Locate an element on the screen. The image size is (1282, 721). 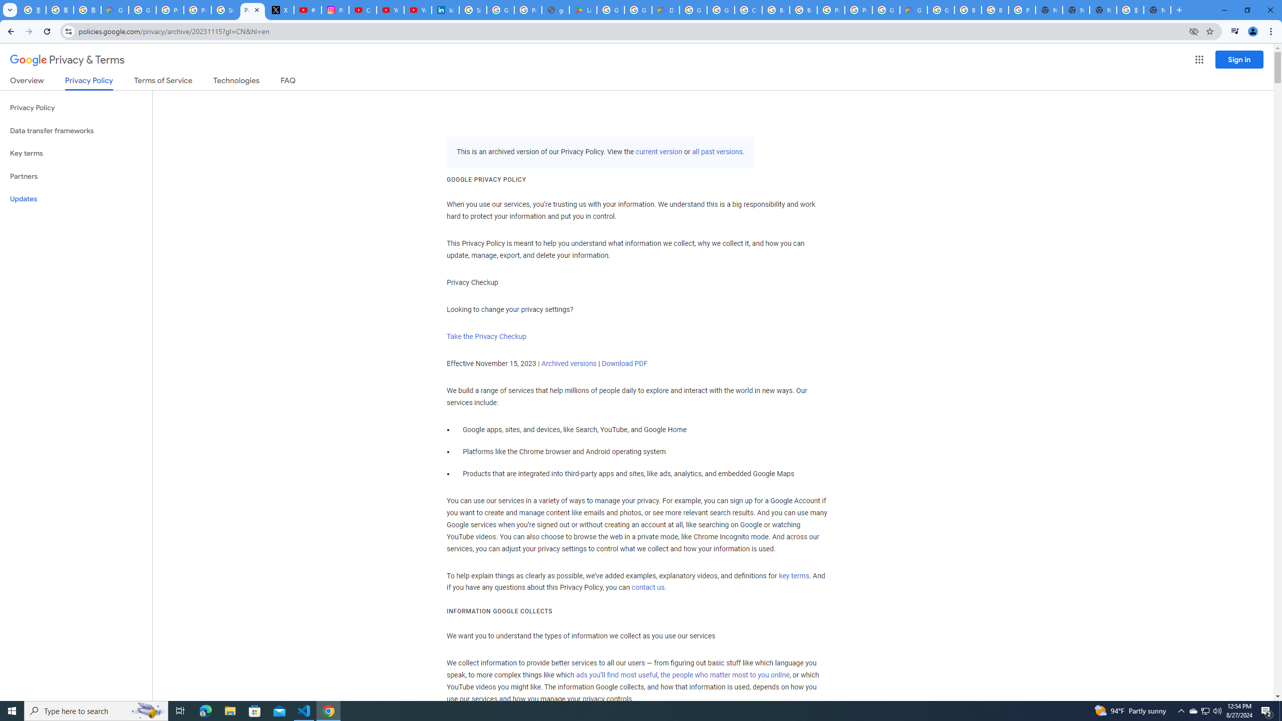
'all past versions' is located at coordinates (716, 151).